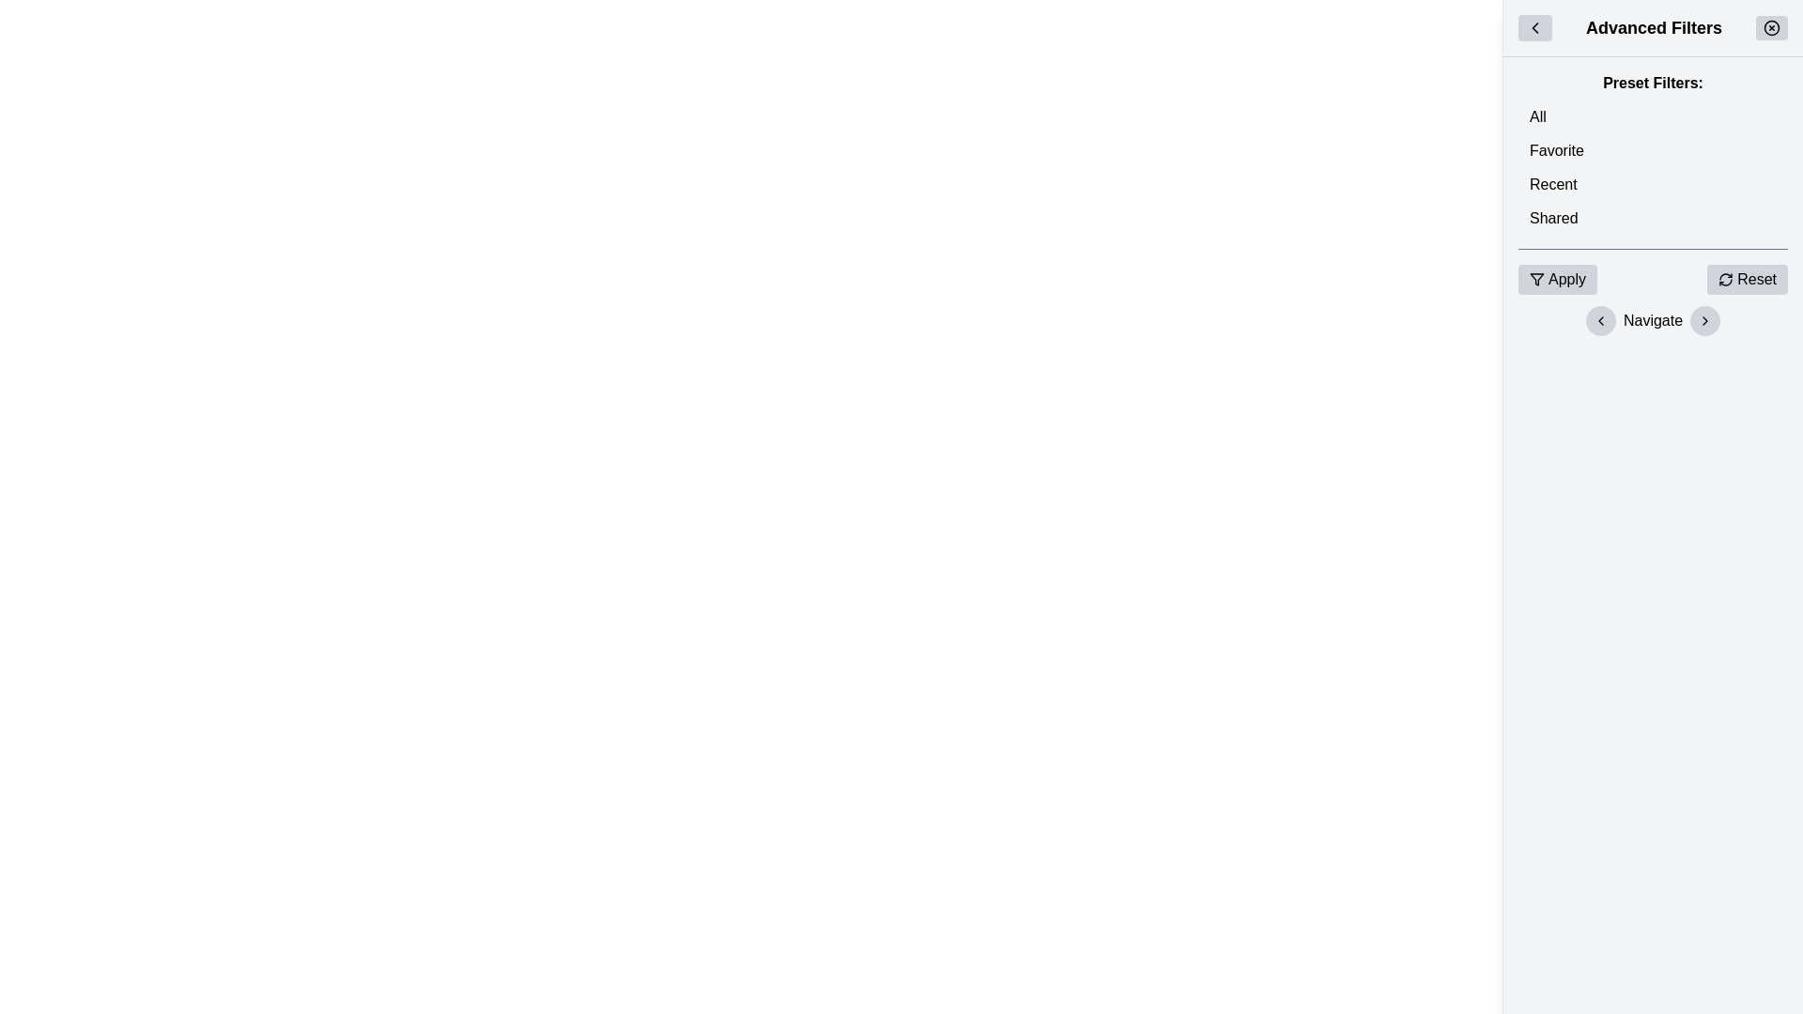  I want to click on the small circular icon with a cross inside it, located in the top-right section of the interface, so click(1770, 28).